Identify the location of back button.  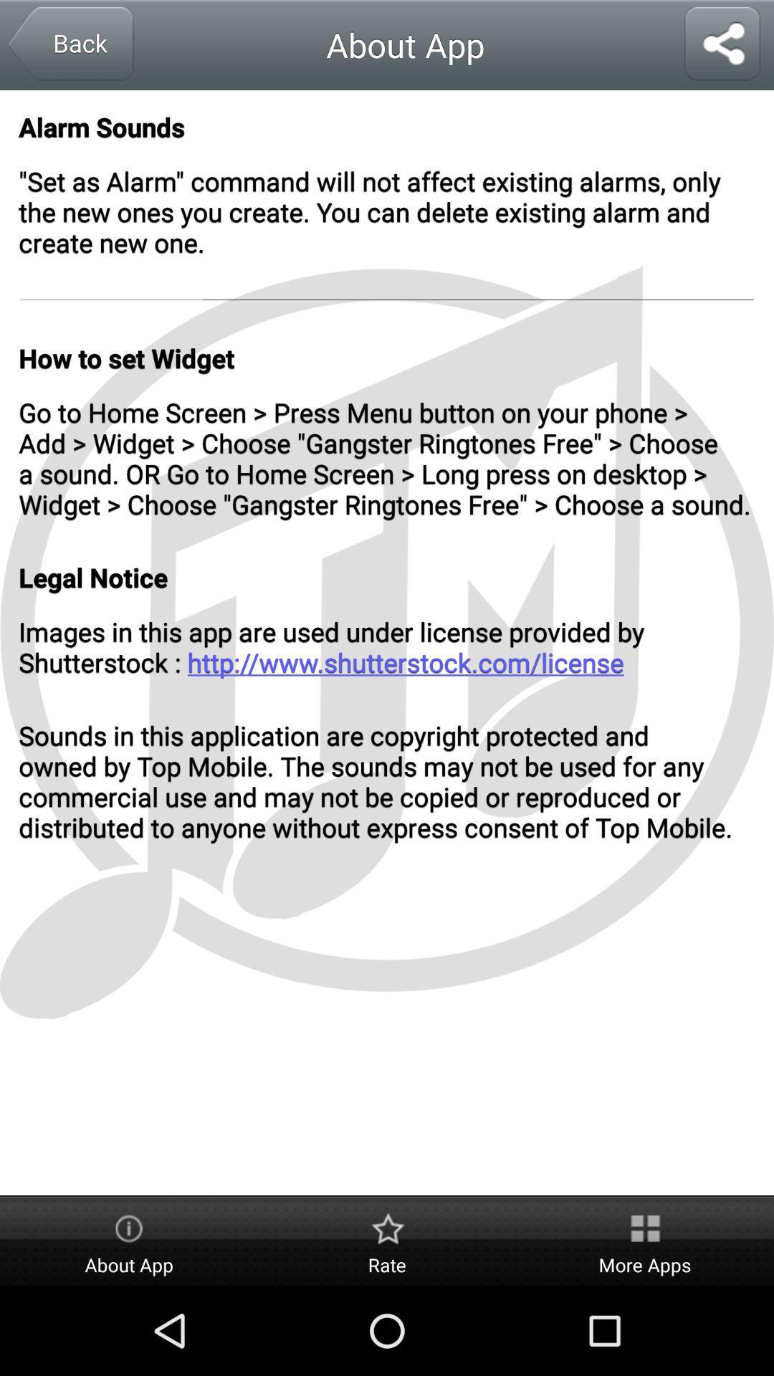
(70, 44).